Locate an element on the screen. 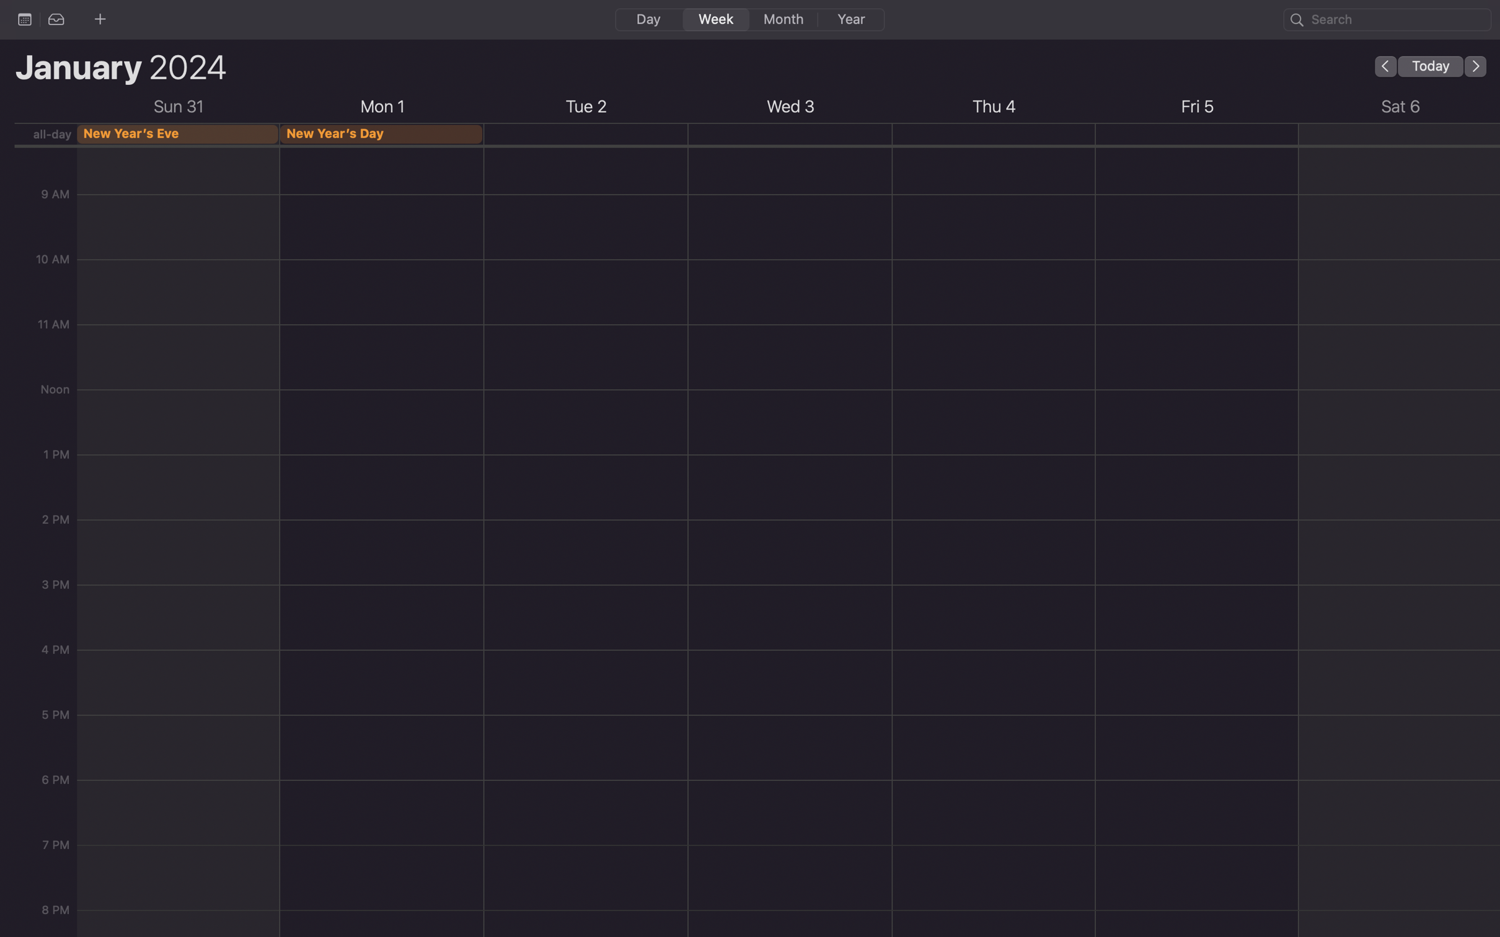 The height and width of the screenshot is (937, 1500). Schedule an event at 9 in the morning on New Year"s day is located at coordinates (382, 205).